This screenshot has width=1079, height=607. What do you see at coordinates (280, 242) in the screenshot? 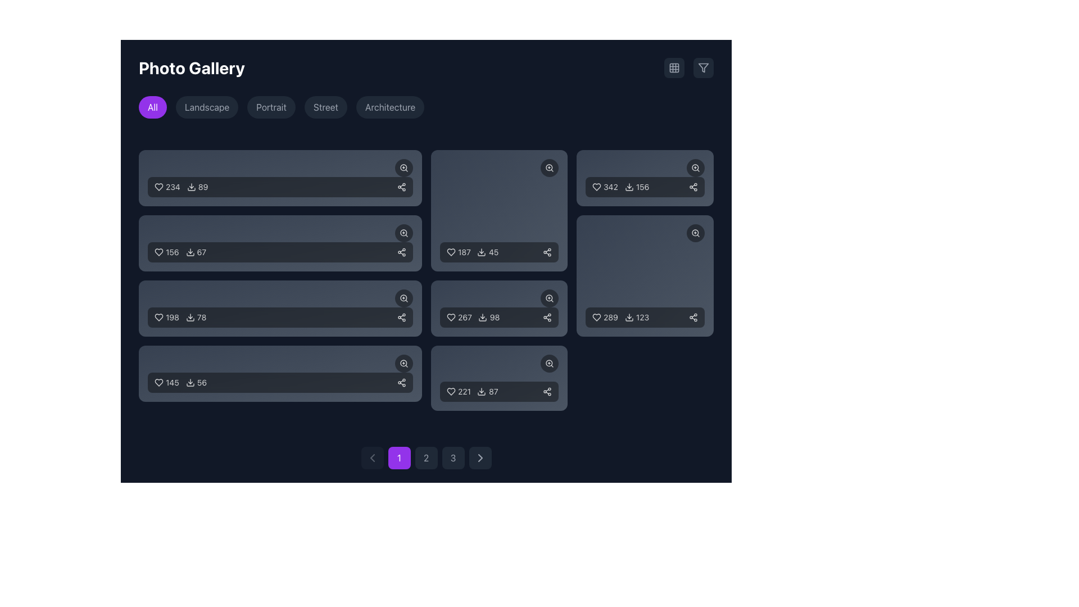
I see `the likes and download statistics in the interactive row located in the middle of the second row of the grid layout, directly below the element displaying '234 ❤️ 89'` at bounding box center [280, 242].